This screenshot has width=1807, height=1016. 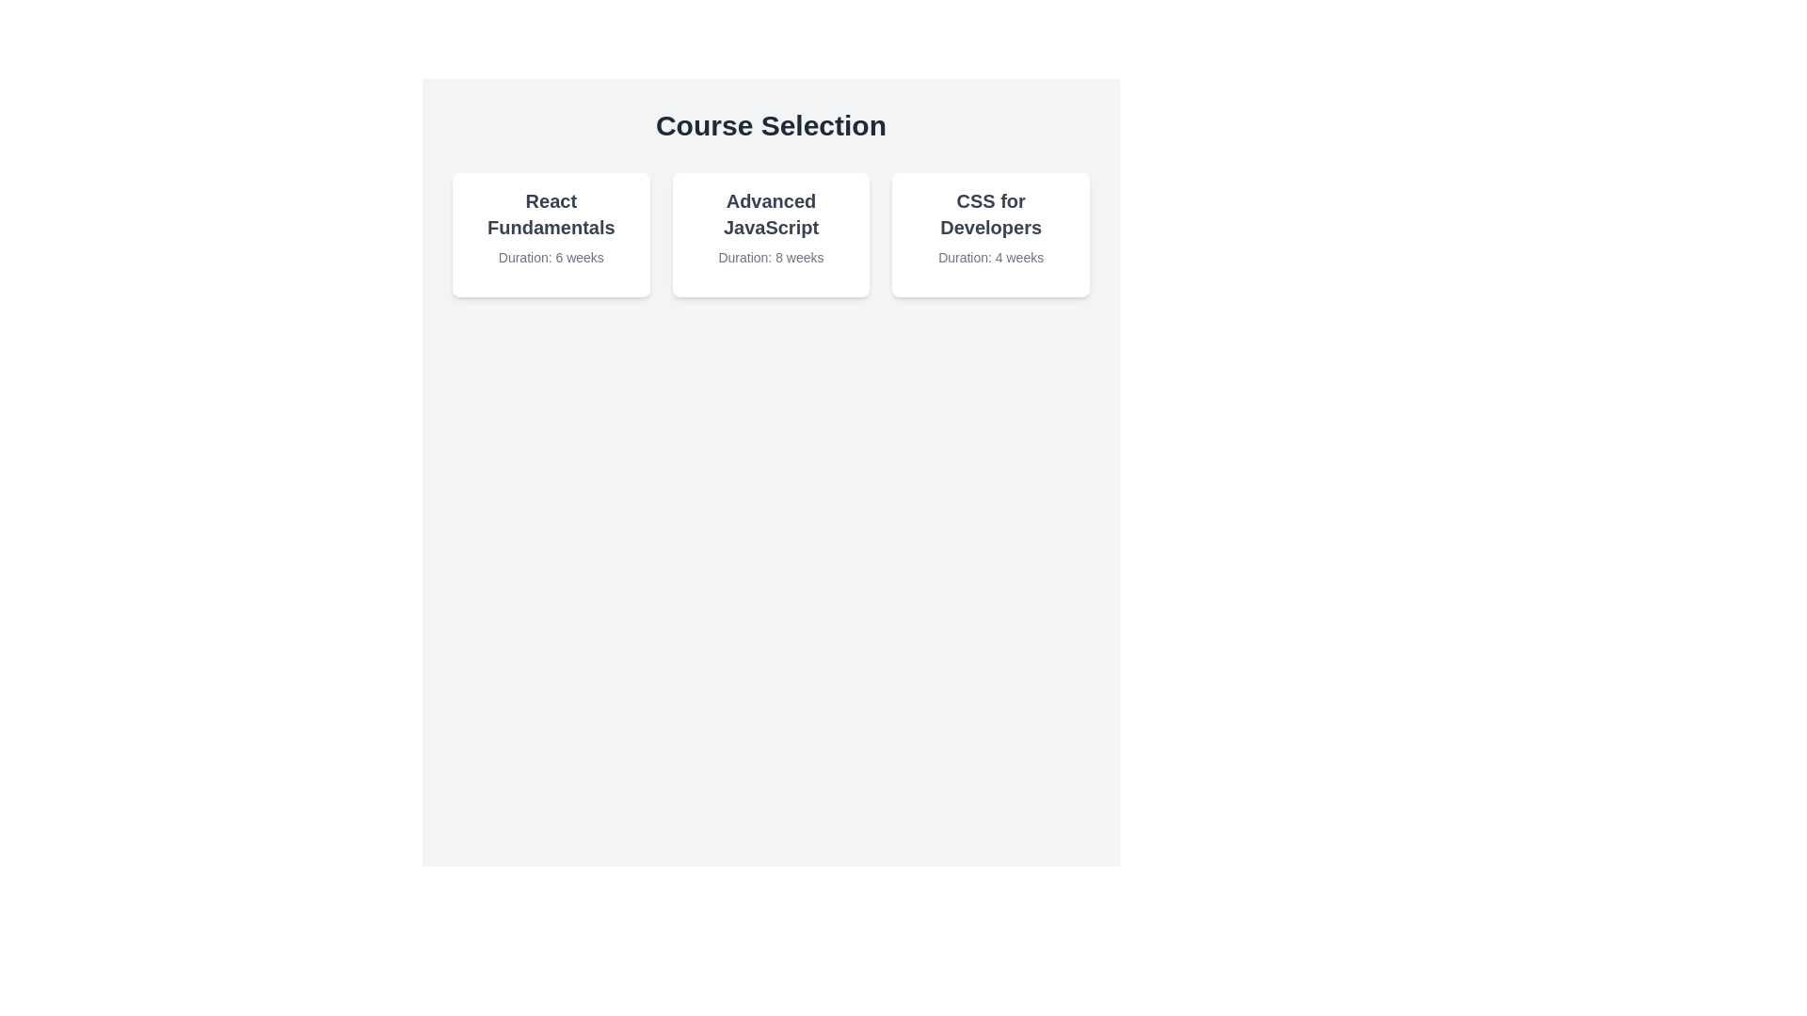 What do you see at coordinates (550, 257) in the screenshot?
I see `the text label 'Duration: 6 weeks' located below the title 'React Fundamentals' within the first card, which is styled in a smaller gray font` at bounding box center [550, 257].